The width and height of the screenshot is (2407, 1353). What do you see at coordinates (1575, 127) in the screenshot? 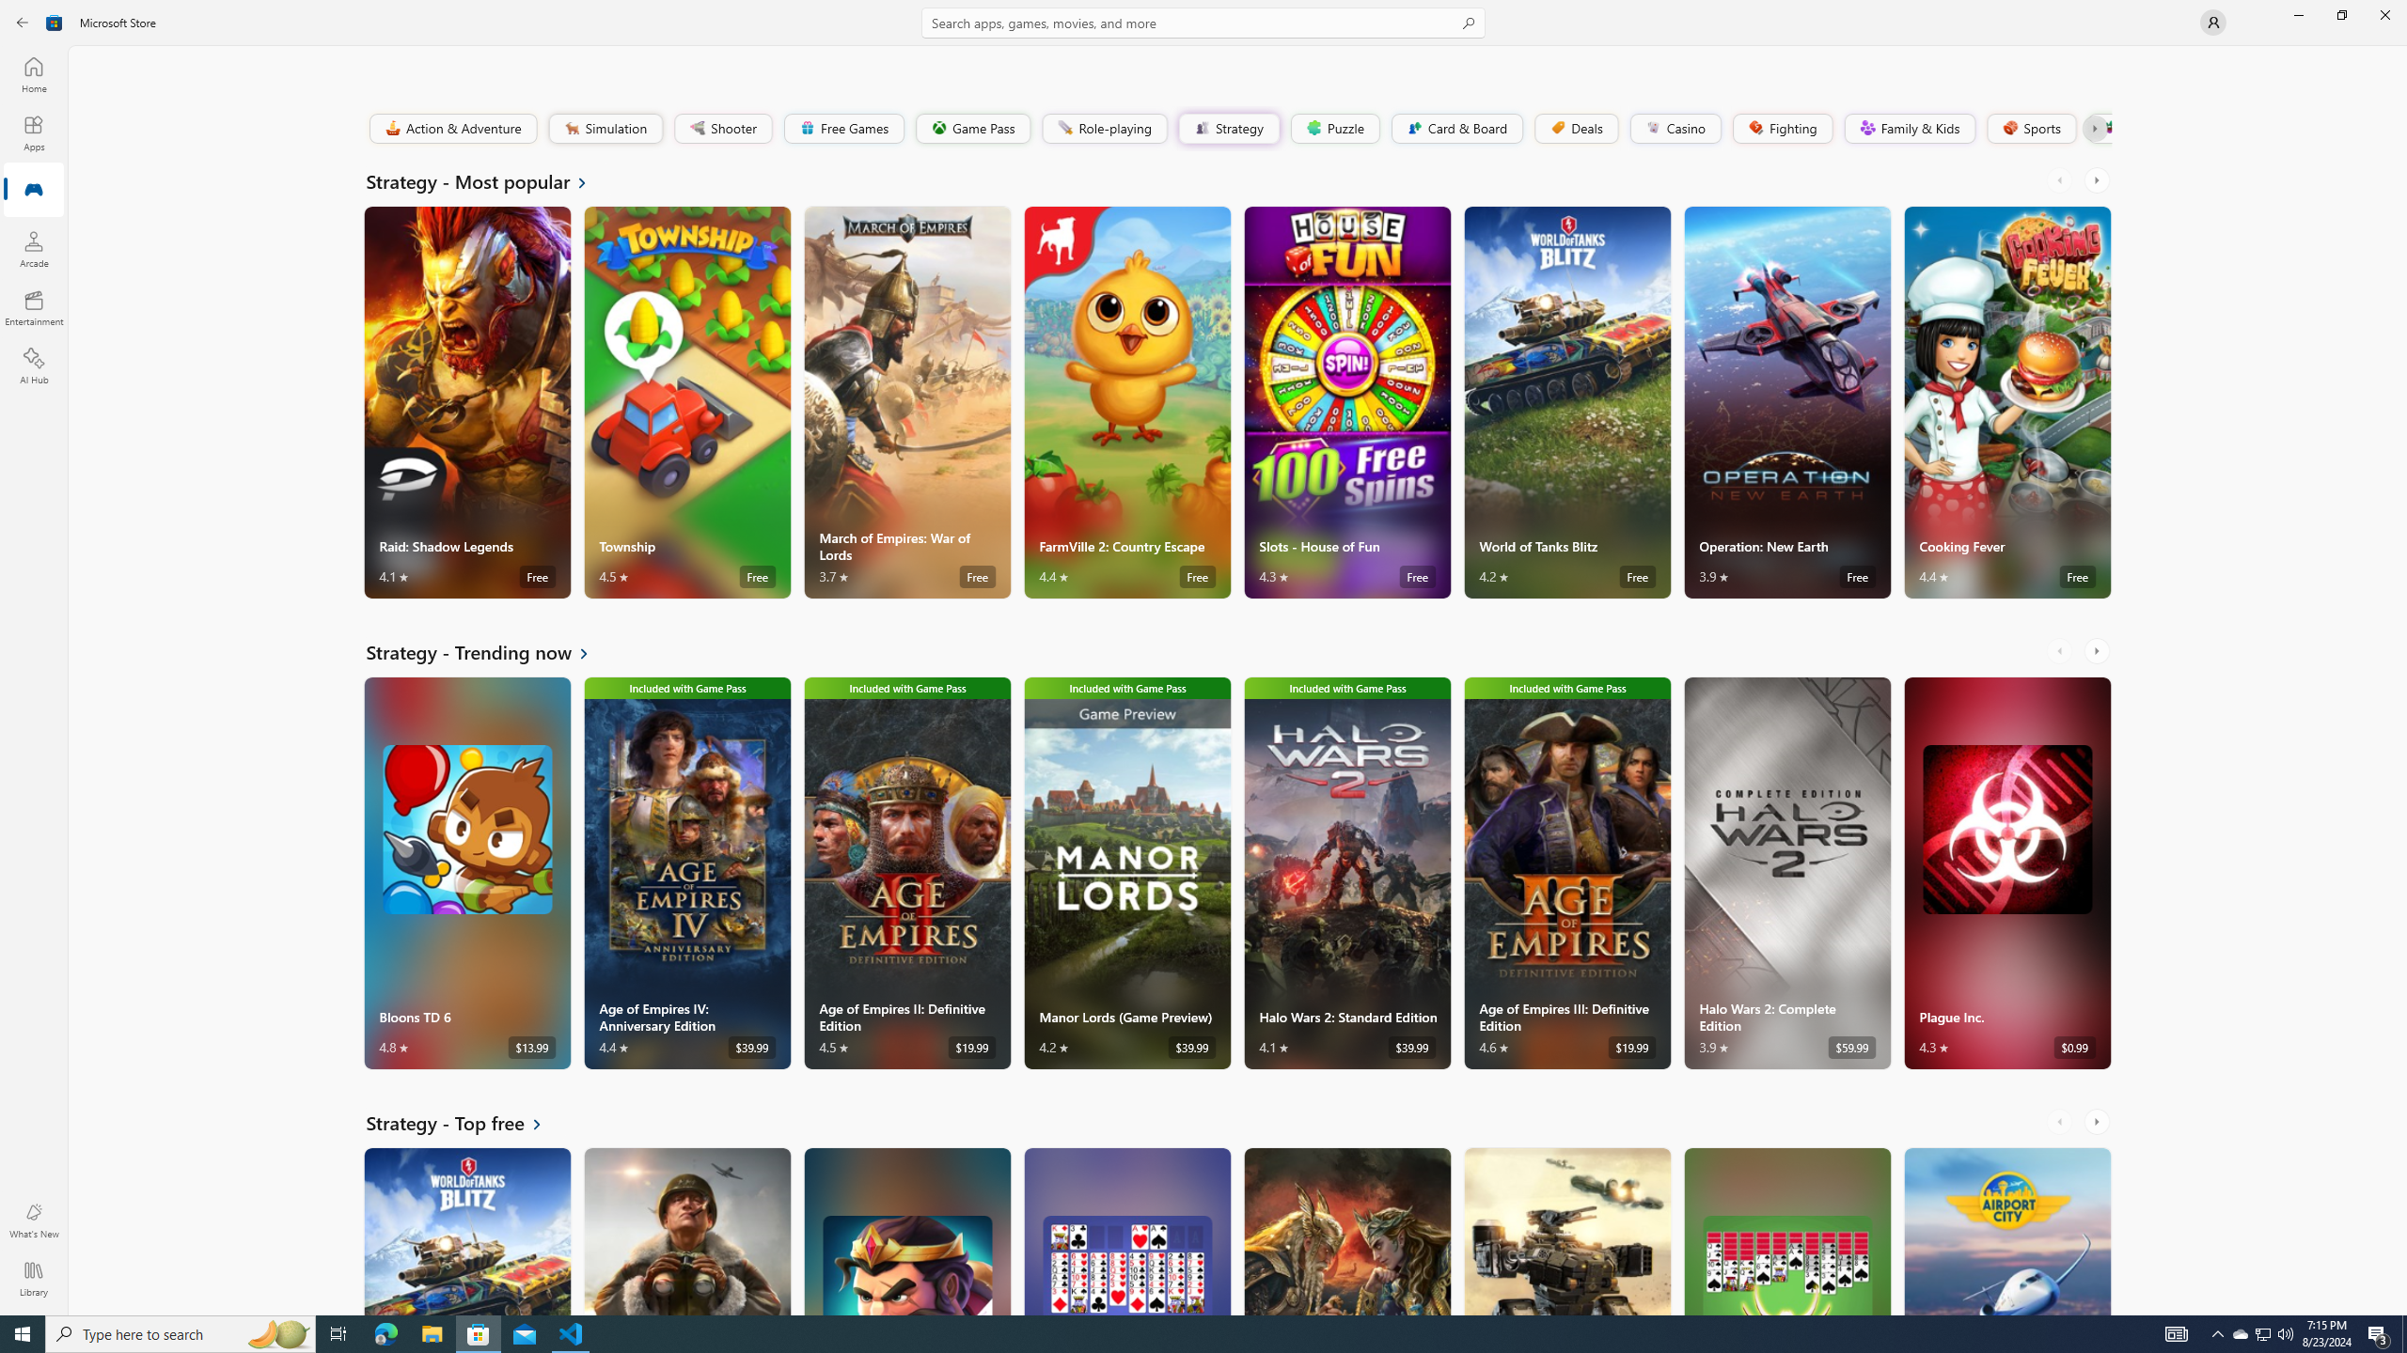
I see `'Deals'` at bounding box center [1575, 127].